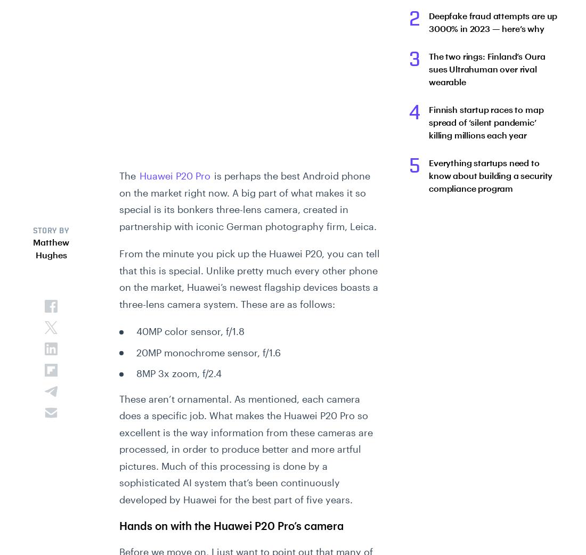 The width and height of the screenshot is (586, 555). What do you see at coordinates (414, 19) in the screenshot?
I see `'2'` at bounding box center [414, 19].